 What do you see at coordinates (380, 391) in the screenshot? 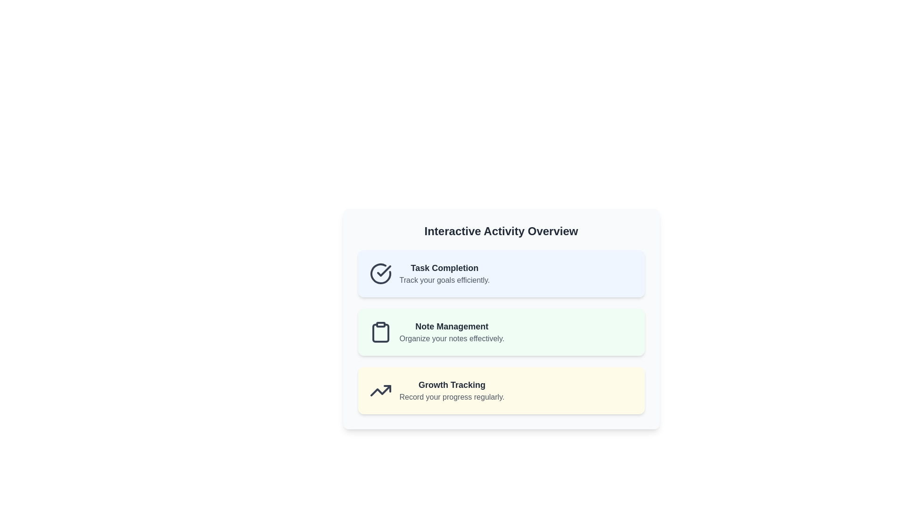
I see `the 'Growth Tracking' icon located to the left of the text 'Growth Tracking' in the third row of the card structure` at bounding box center [380, 391].